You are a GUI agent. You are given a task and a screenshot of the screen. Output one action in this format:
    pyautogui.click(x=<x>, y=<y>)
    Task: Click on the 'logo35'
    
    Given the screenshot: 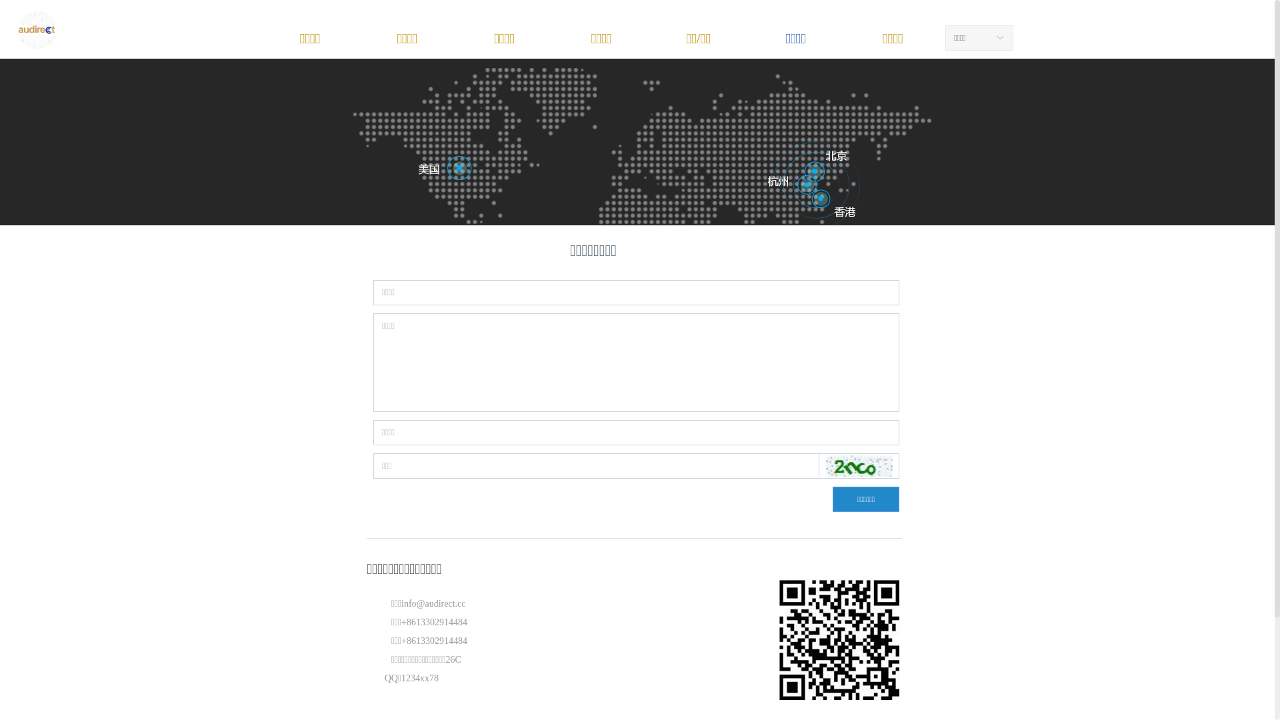 What is the action you would take?
    pyautogui.click(x=17, y=30)
    